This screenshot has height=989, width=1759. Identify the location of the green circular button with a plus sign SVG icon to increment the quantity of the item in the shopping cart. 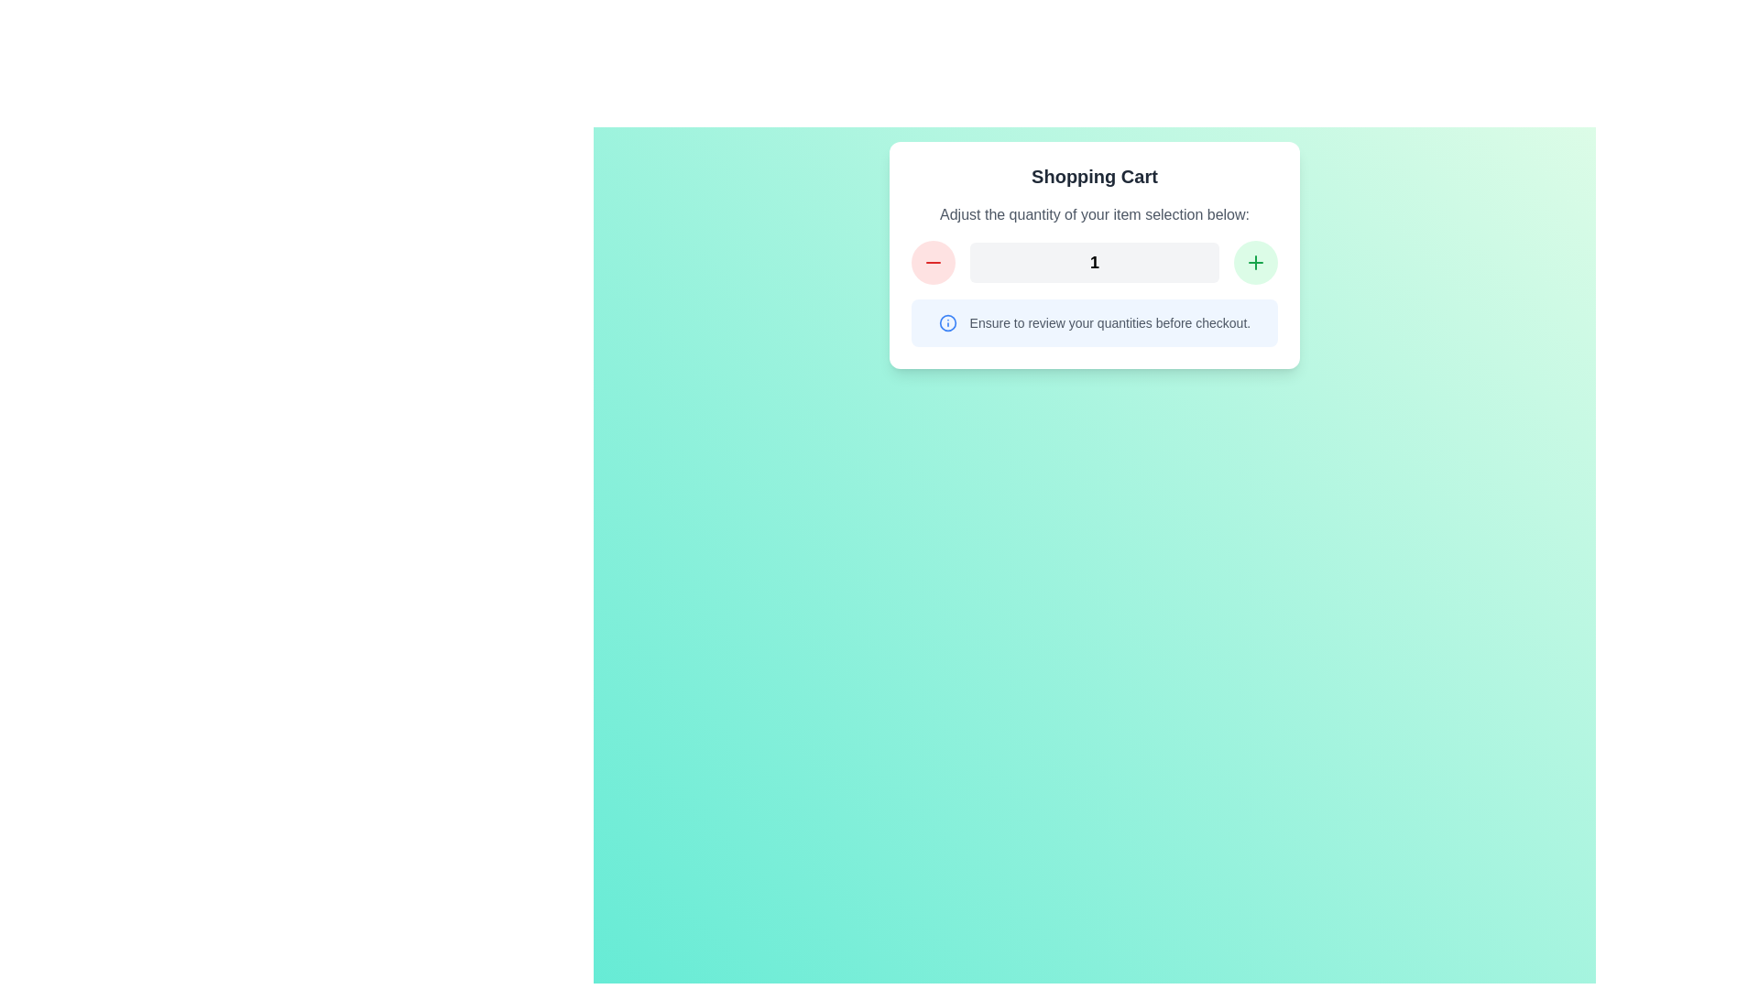
(1255, 262).